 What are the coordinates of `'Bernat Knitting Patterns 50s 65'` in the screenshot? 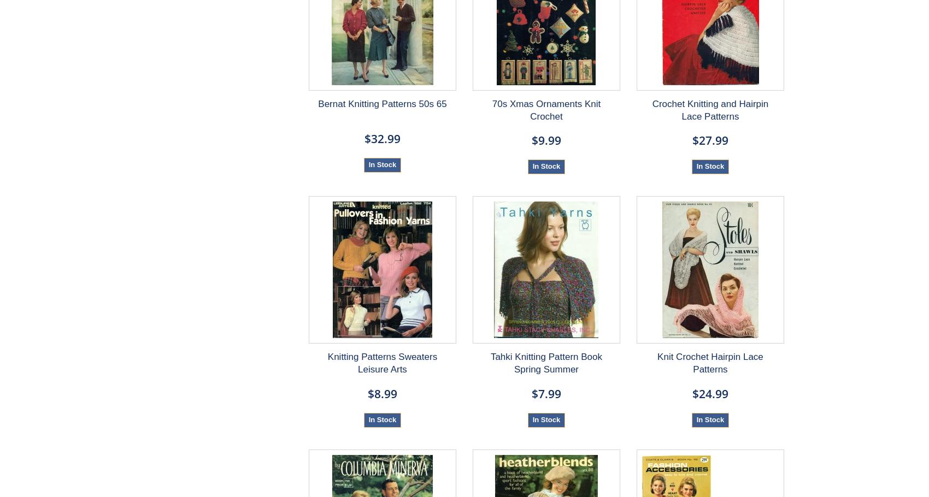 It's located at (382, 104).